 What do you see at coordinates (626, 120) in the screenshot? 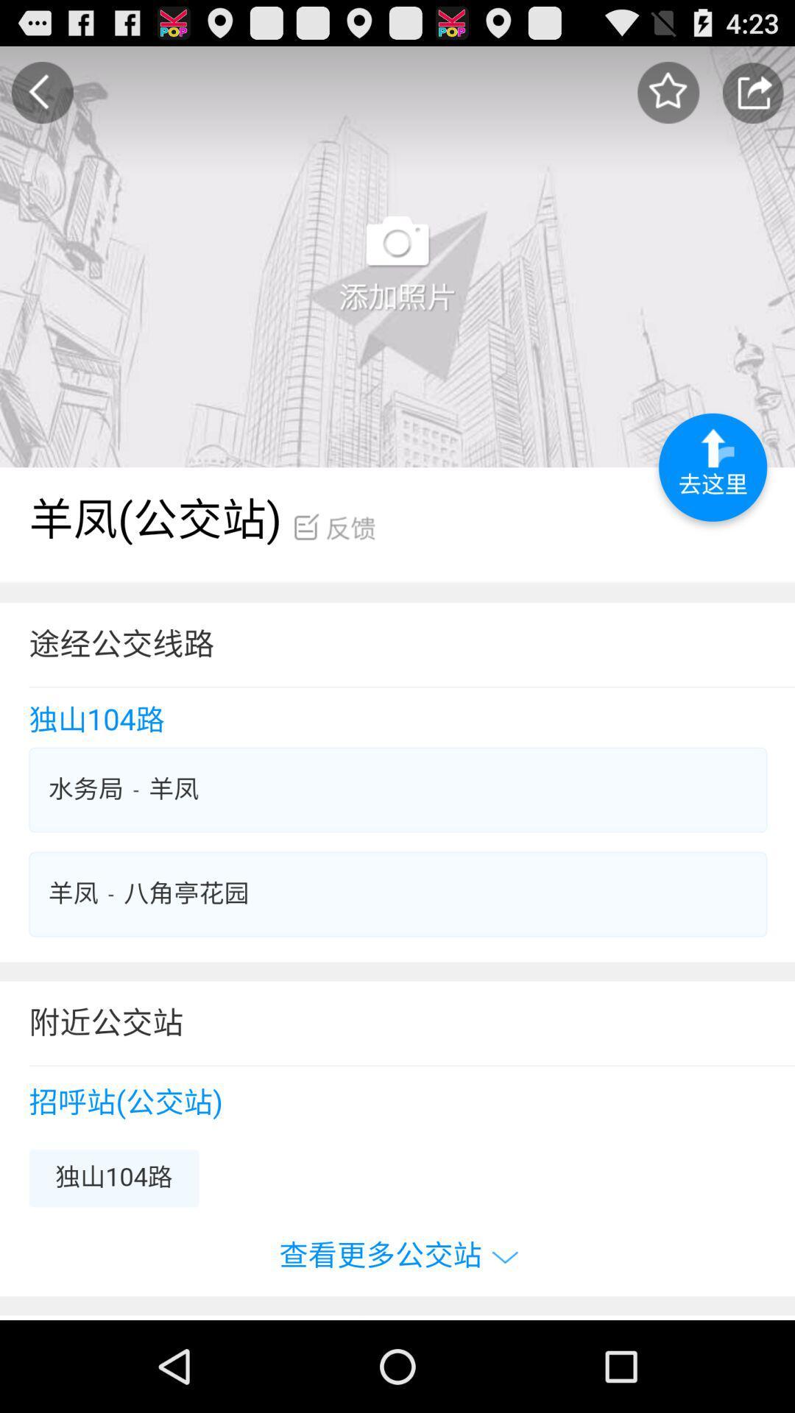
I see `the star icon` at bounding box center [626, 120].